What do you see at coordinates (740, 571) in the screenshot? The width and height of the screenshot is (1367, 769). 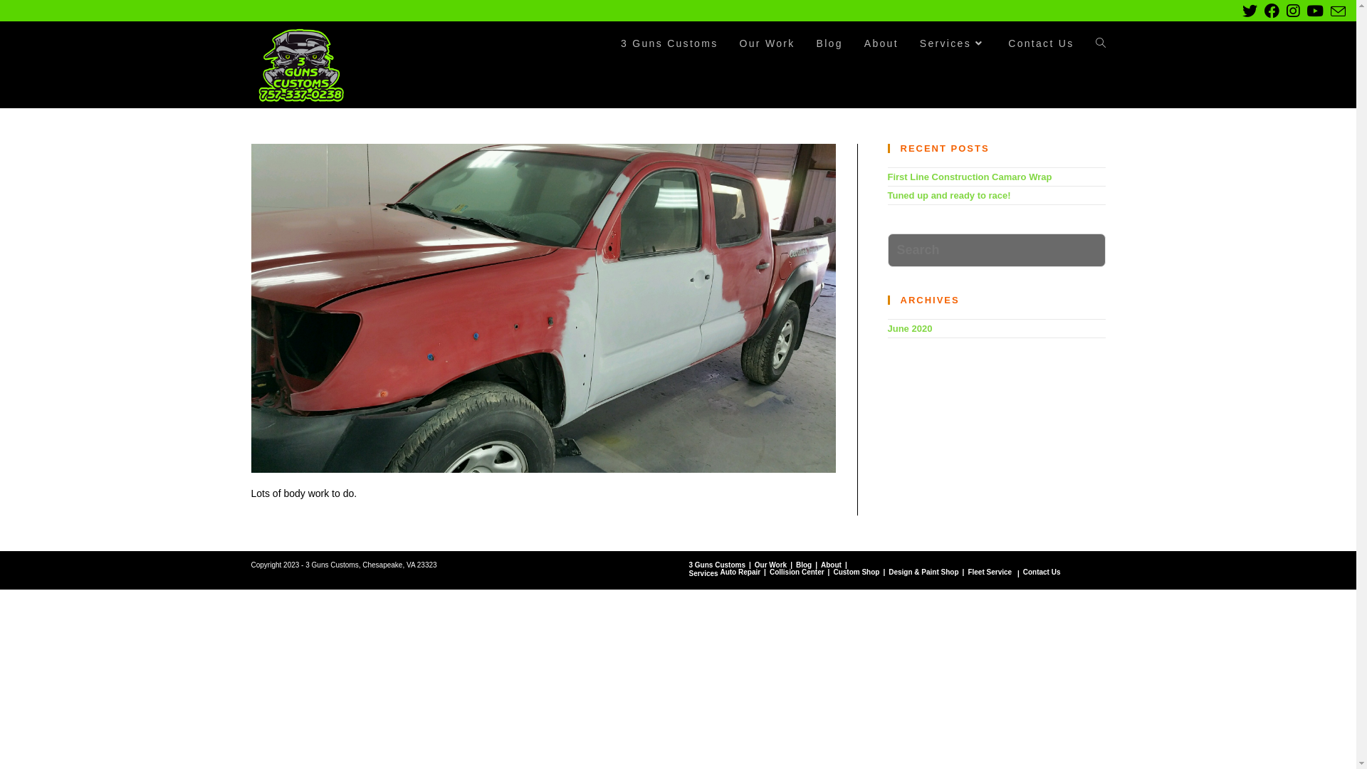 I see `'Auto Repair'` at bounding box center [740, 571].